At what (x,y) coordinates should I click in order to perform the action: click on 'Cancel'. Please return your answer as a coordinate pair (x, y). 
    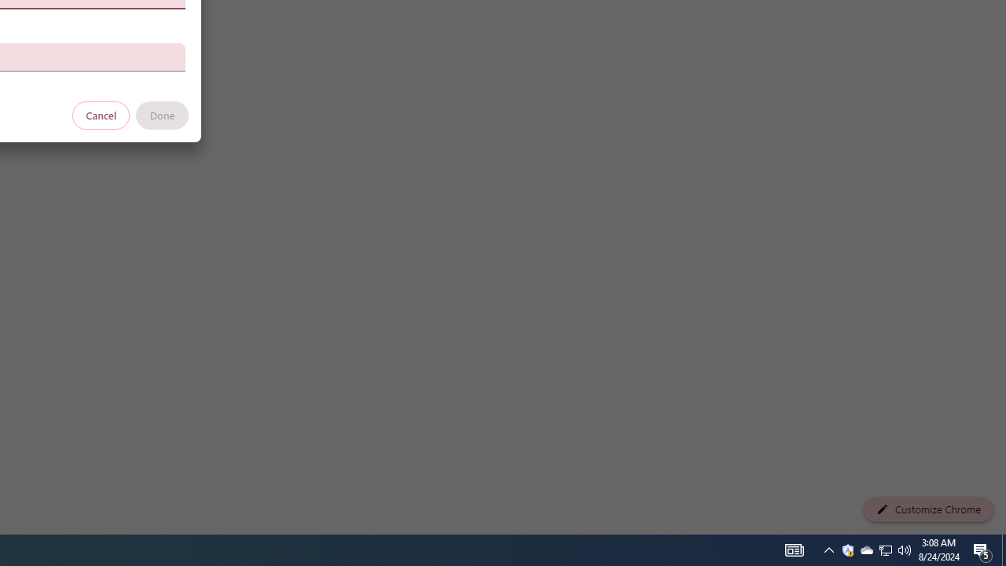
    Looking at the image, I should click on (101, 114).